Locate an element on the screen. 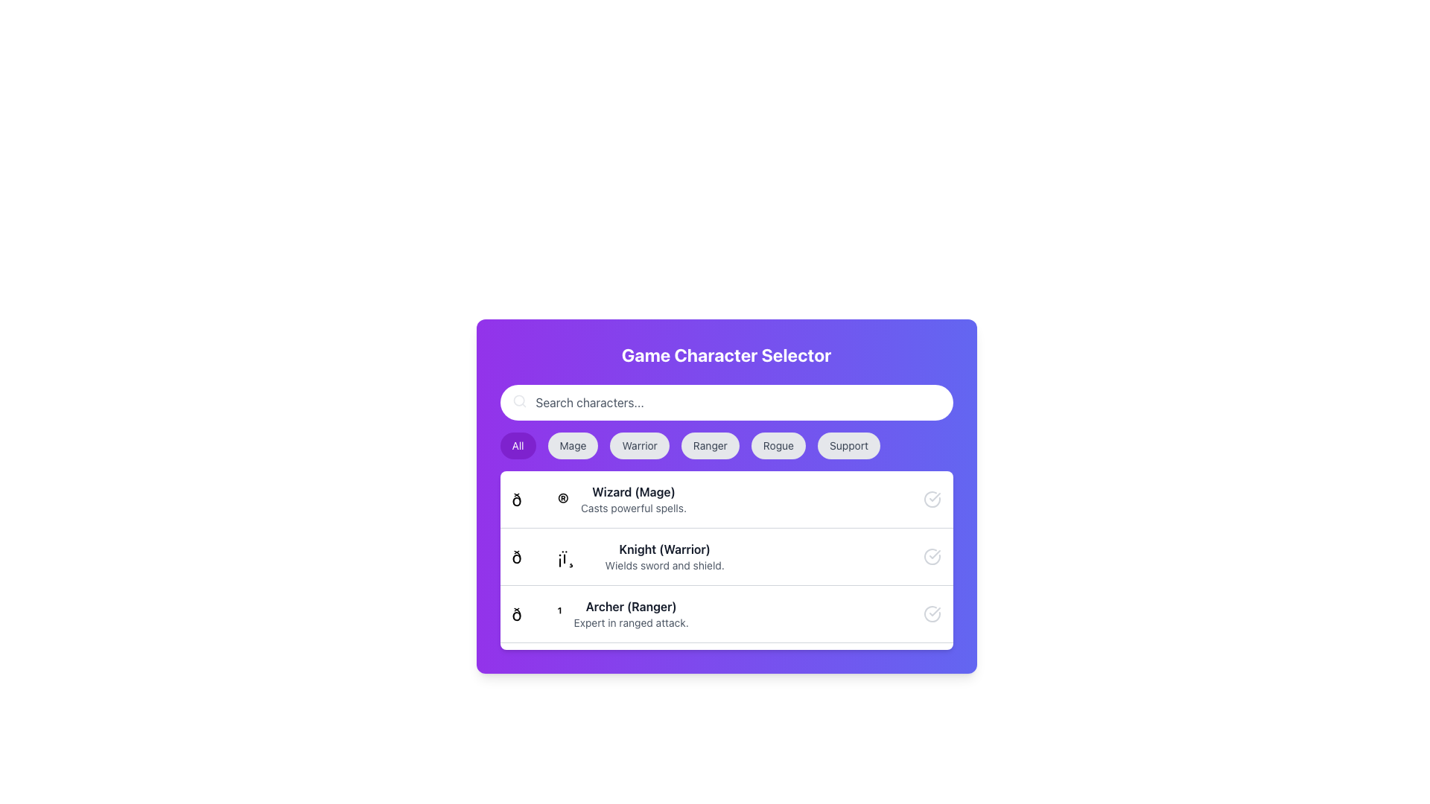 The height and width of the screenshot is (804, 1430). the first list item featuring the text 'Wizard (Mage)' with the description 'Casts powerful spells,' which includes an emoji to the left of the text is located at coordinates (599, 500).